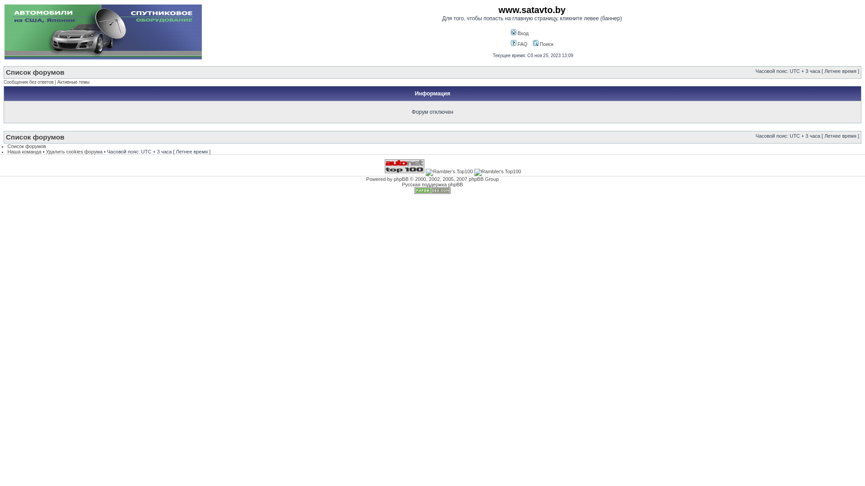 This screenshot has height=486, width=865. What do you see at coordinates (363, 166) in the screenshot?
I see `'LiveInternet'` at bounding box center [363, 166].